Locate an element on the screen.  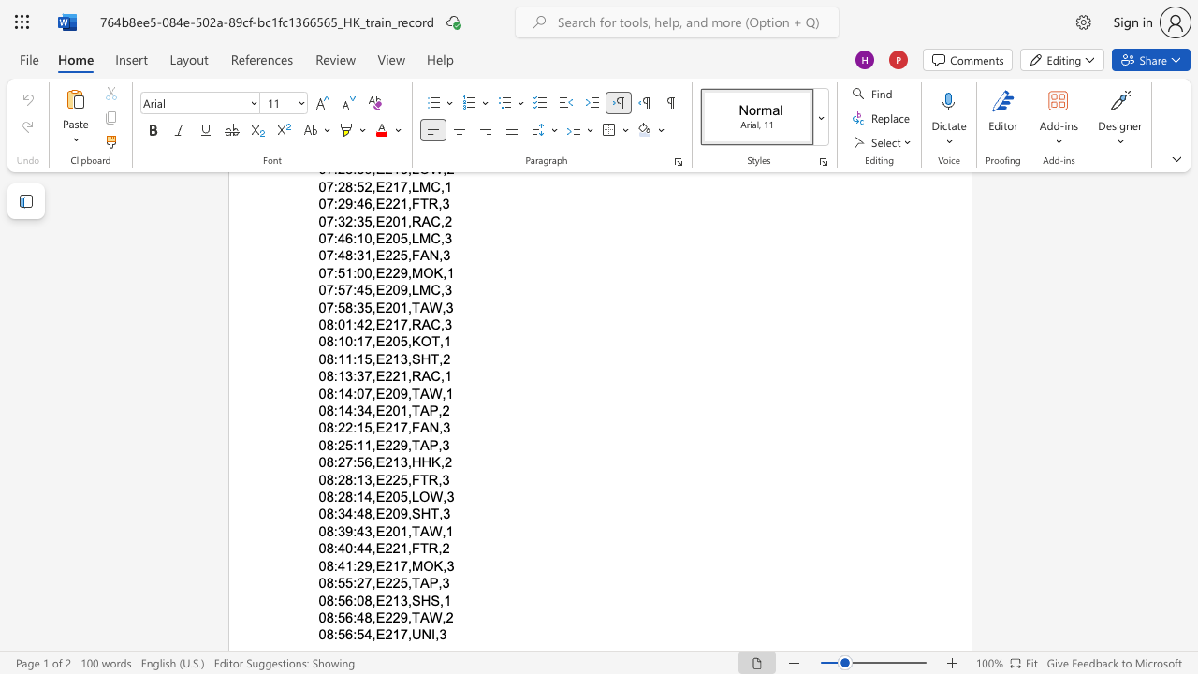
the subset text "8:56:48,E229,TAW,2" within the text "08:56:48,E229,TAW,2" is located at coordinates (326, 617).